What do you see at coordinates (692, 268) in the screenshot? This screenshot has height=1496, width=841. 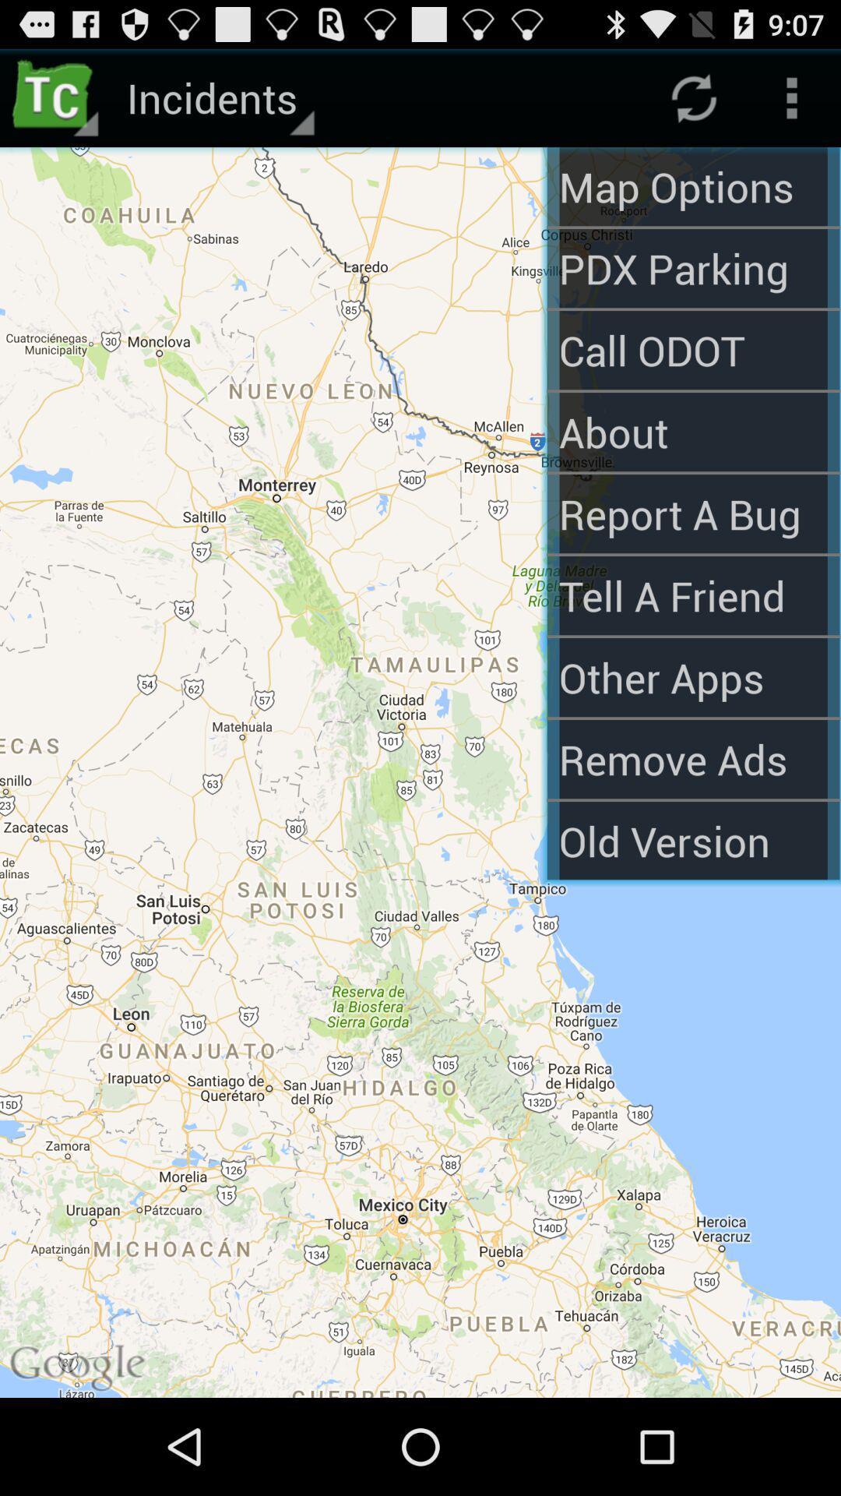 I see `pdx parking item` at bounding box center [692, 268].